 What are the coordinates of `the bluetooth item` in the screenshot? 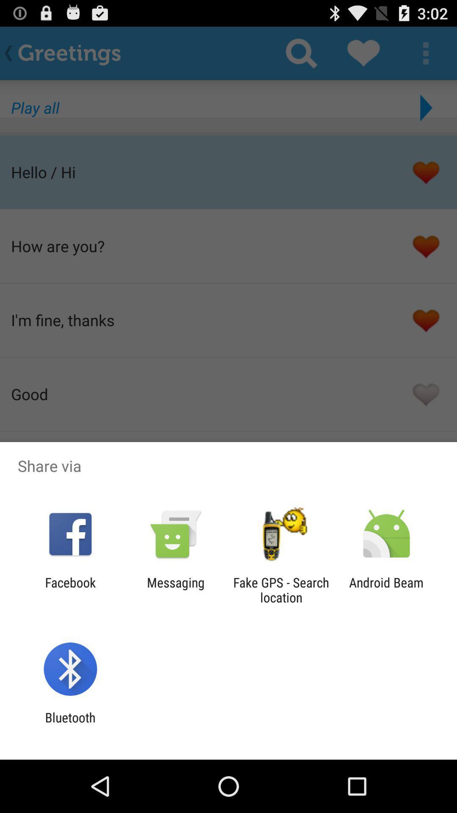 It's located at (70, 725).